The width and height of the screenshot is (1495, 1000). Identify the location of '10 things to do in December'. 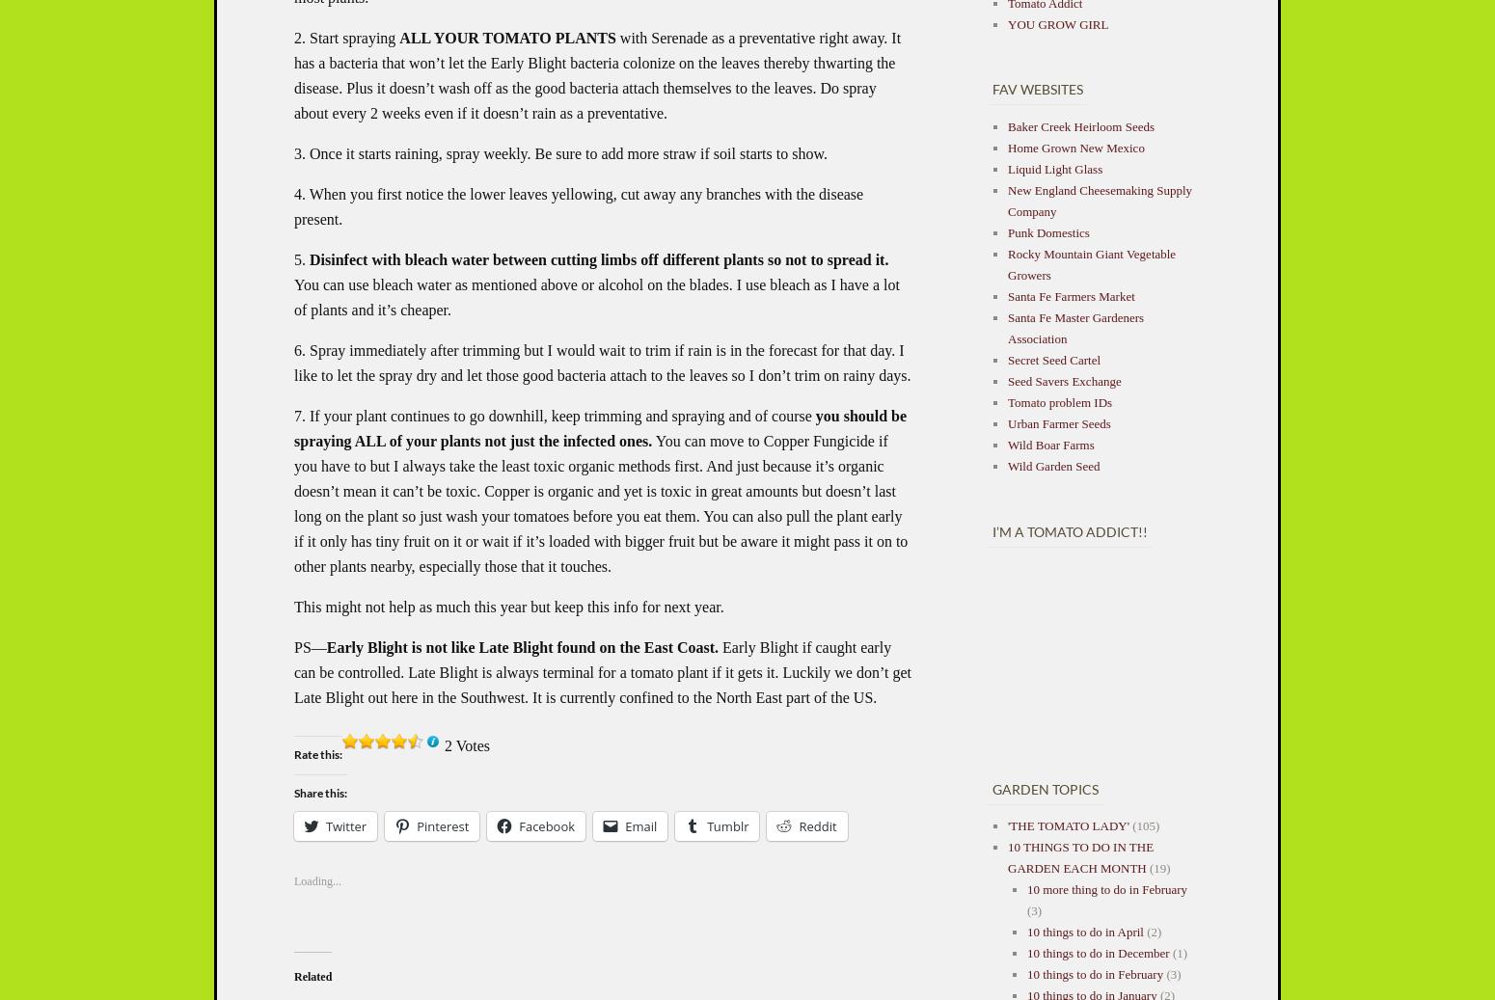
(1097, 953).